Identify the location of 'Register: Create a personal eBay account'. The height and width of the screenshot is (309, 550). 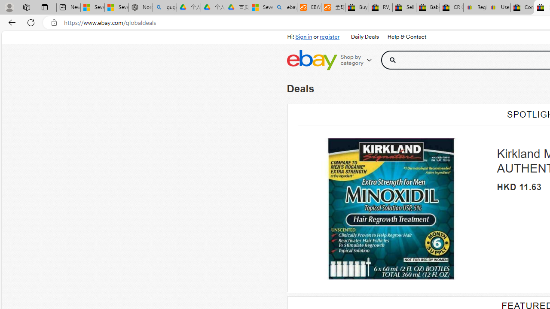
(474, 7).